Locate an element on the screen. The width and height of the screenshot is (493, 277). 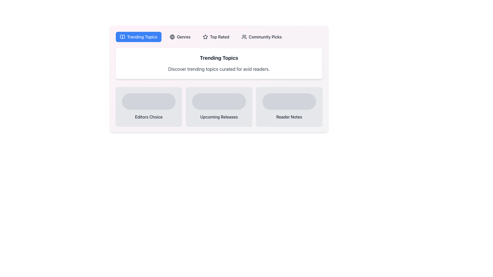
the static text element displaying 'Reader Notes' in bold format, located in the lower-right section of the interface, below a rounded rectangle is located at coordinates (289, 117).